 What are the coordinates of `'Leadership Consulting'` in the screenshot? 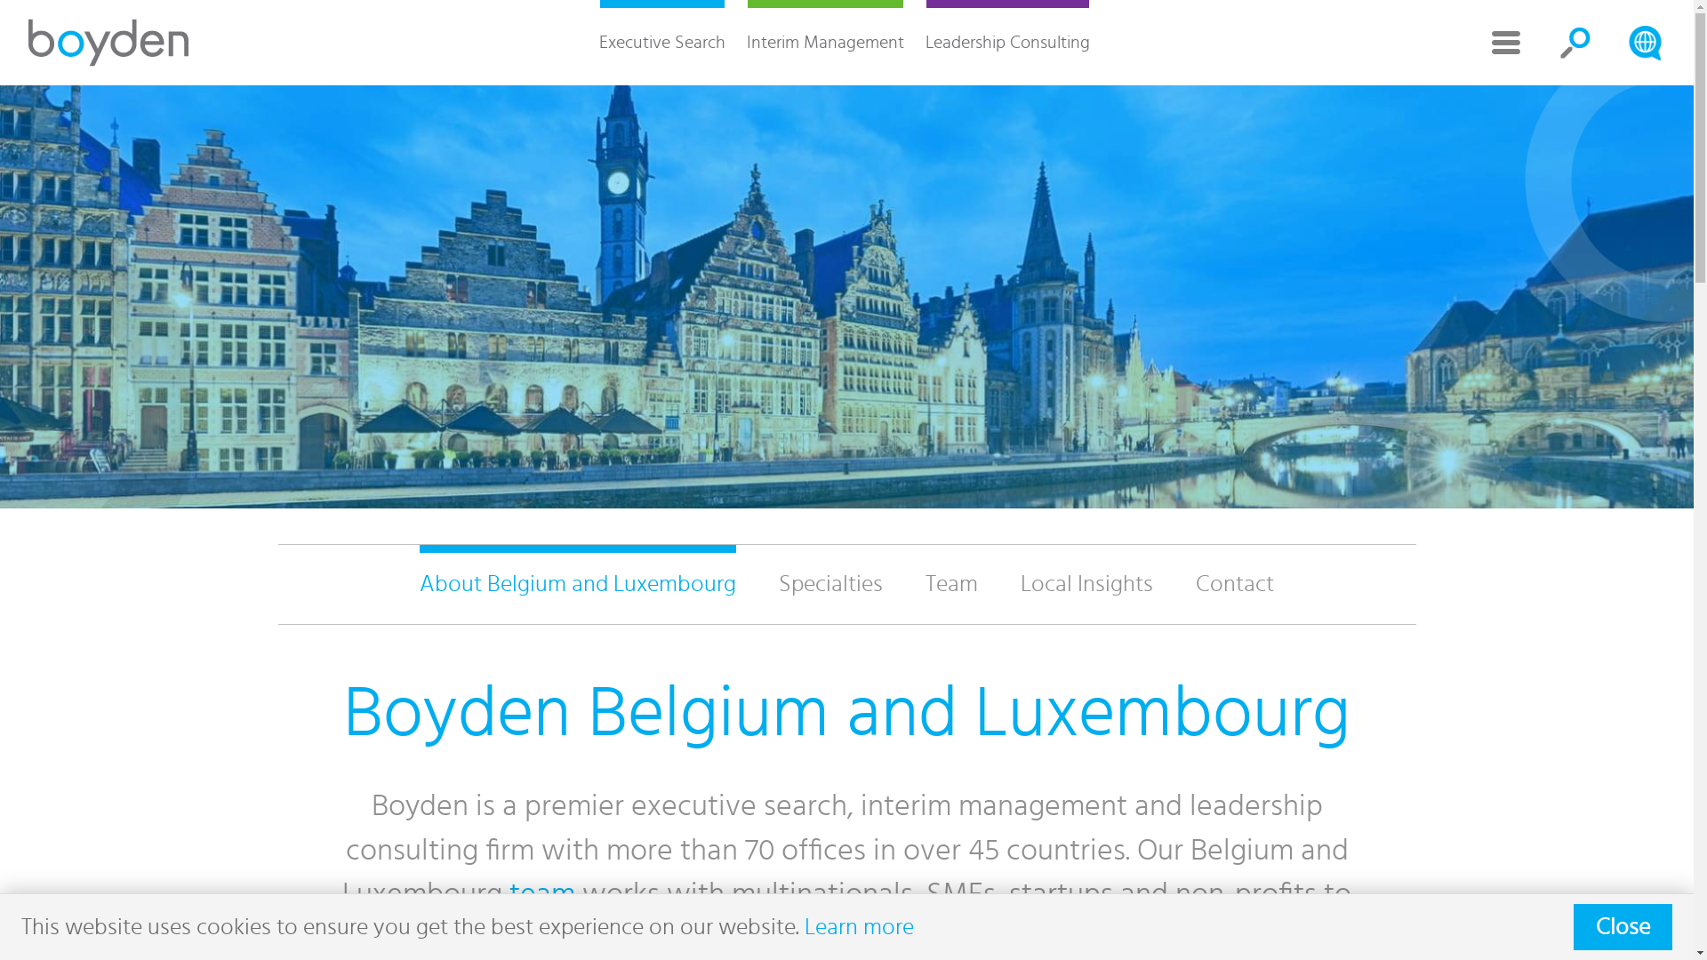 It's located at (913, 41).